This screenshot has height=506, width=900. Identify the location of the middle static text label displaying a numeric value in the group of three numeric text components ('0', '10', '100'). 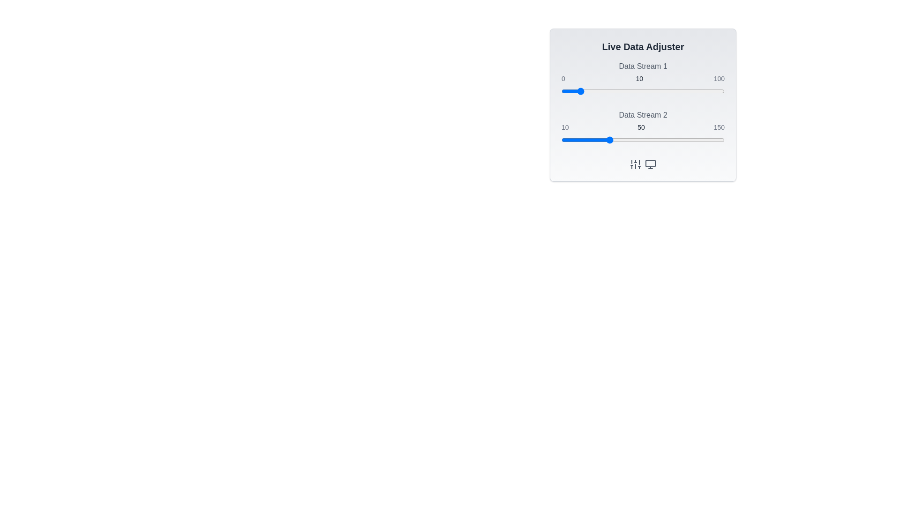
(639, 78).